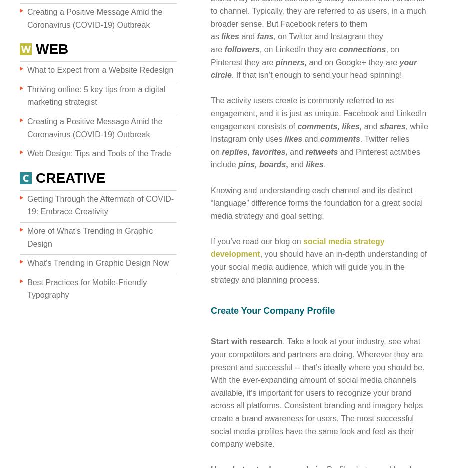 This screenshot has width=450, height=468. Describe the element at coordinates (26, 70) in the screenshot. I see `'What to Expect from a Website Redesign'` at that location.